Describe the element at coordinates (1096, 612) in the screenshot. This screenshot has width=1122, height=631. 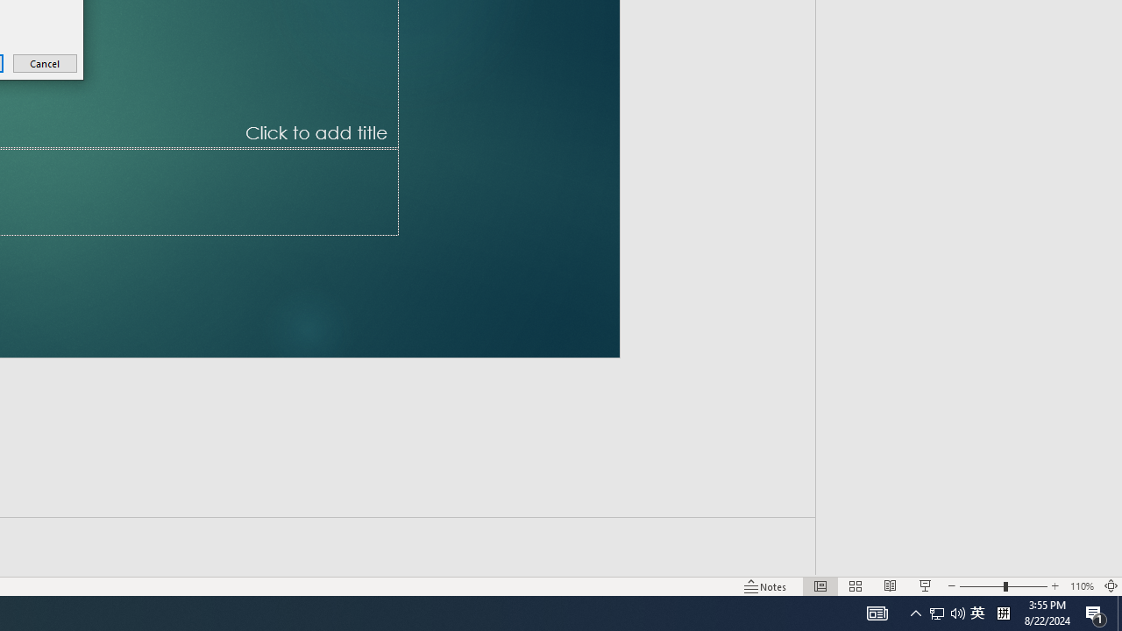
I see `'Action Center, 1 new notification'` at that location.